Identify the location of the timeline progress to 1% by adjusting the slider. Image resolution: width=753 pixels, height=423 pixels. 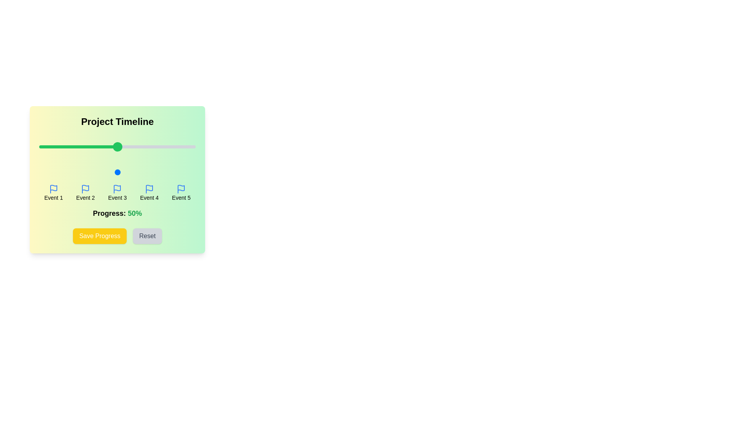
(40, 172).